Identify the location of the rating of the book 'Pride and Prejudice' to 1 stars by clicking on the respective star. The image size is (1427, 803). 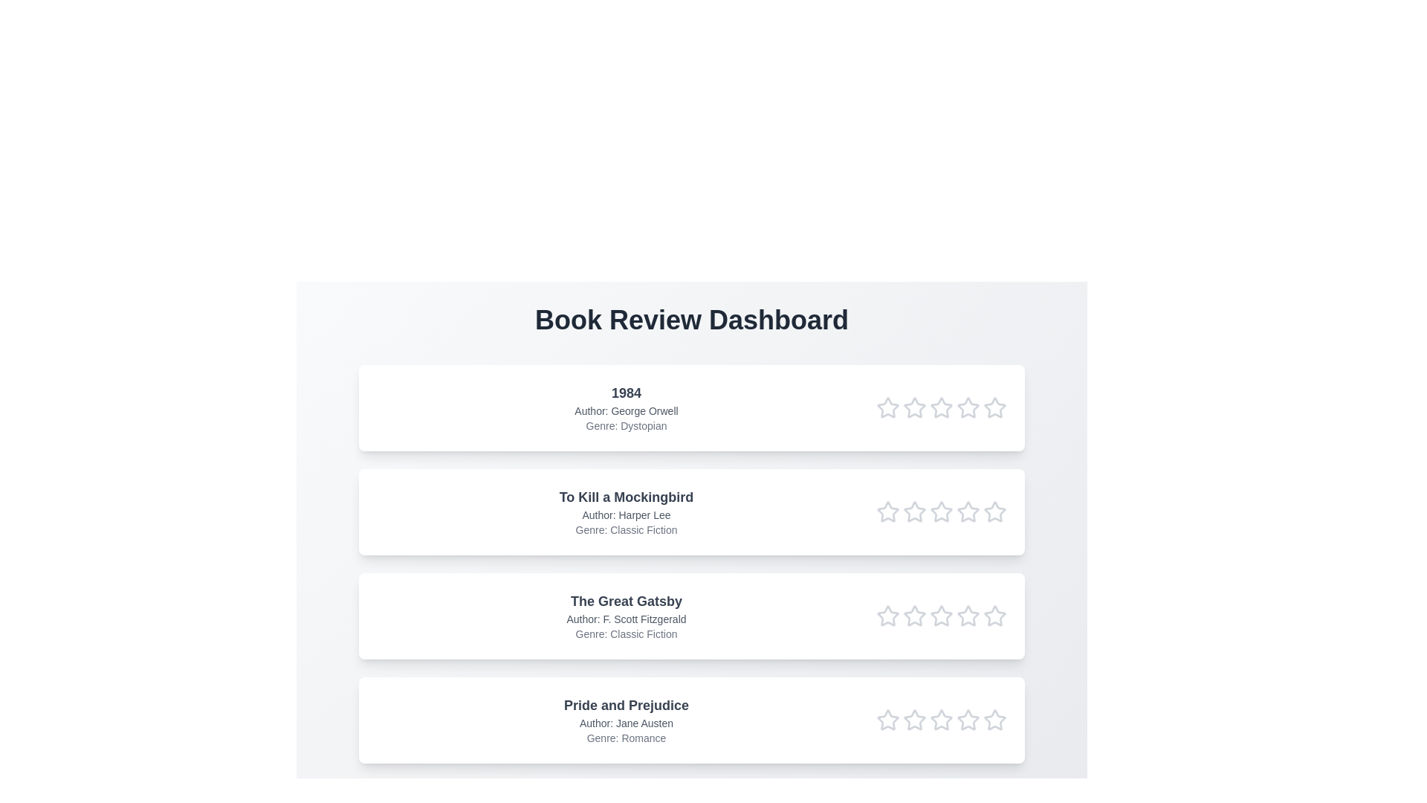
(888, 719).